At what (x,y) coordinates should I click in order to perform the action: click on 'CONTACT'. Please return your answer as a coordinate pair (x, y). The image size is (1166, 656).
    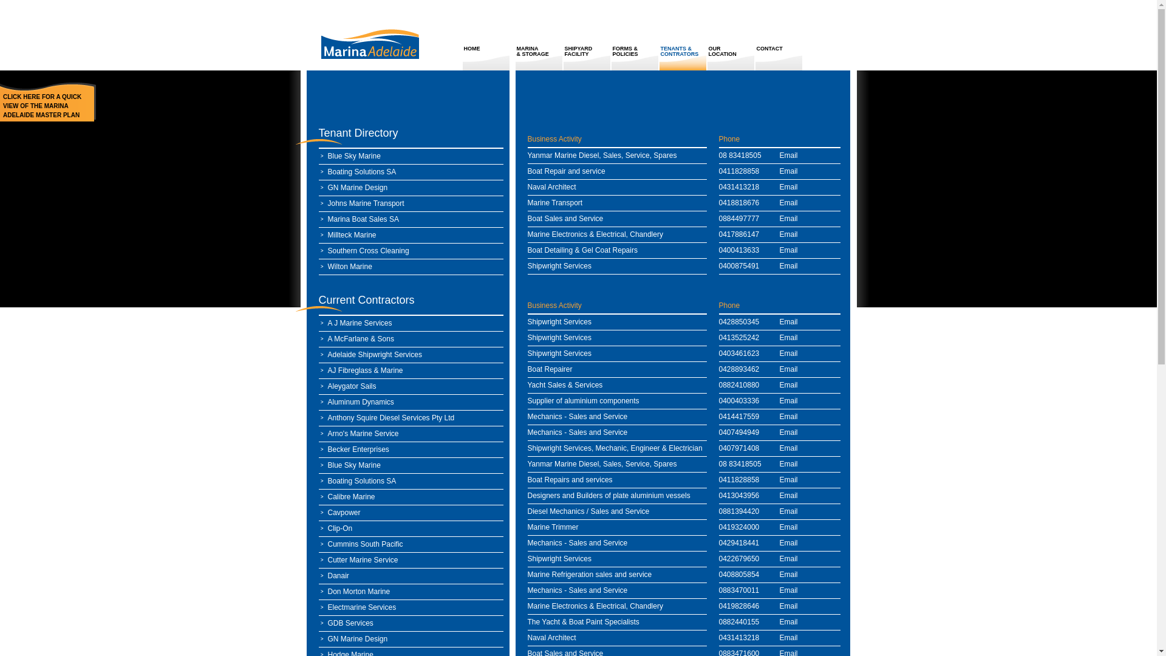
    Looking at the image, I should click on (754, 58).